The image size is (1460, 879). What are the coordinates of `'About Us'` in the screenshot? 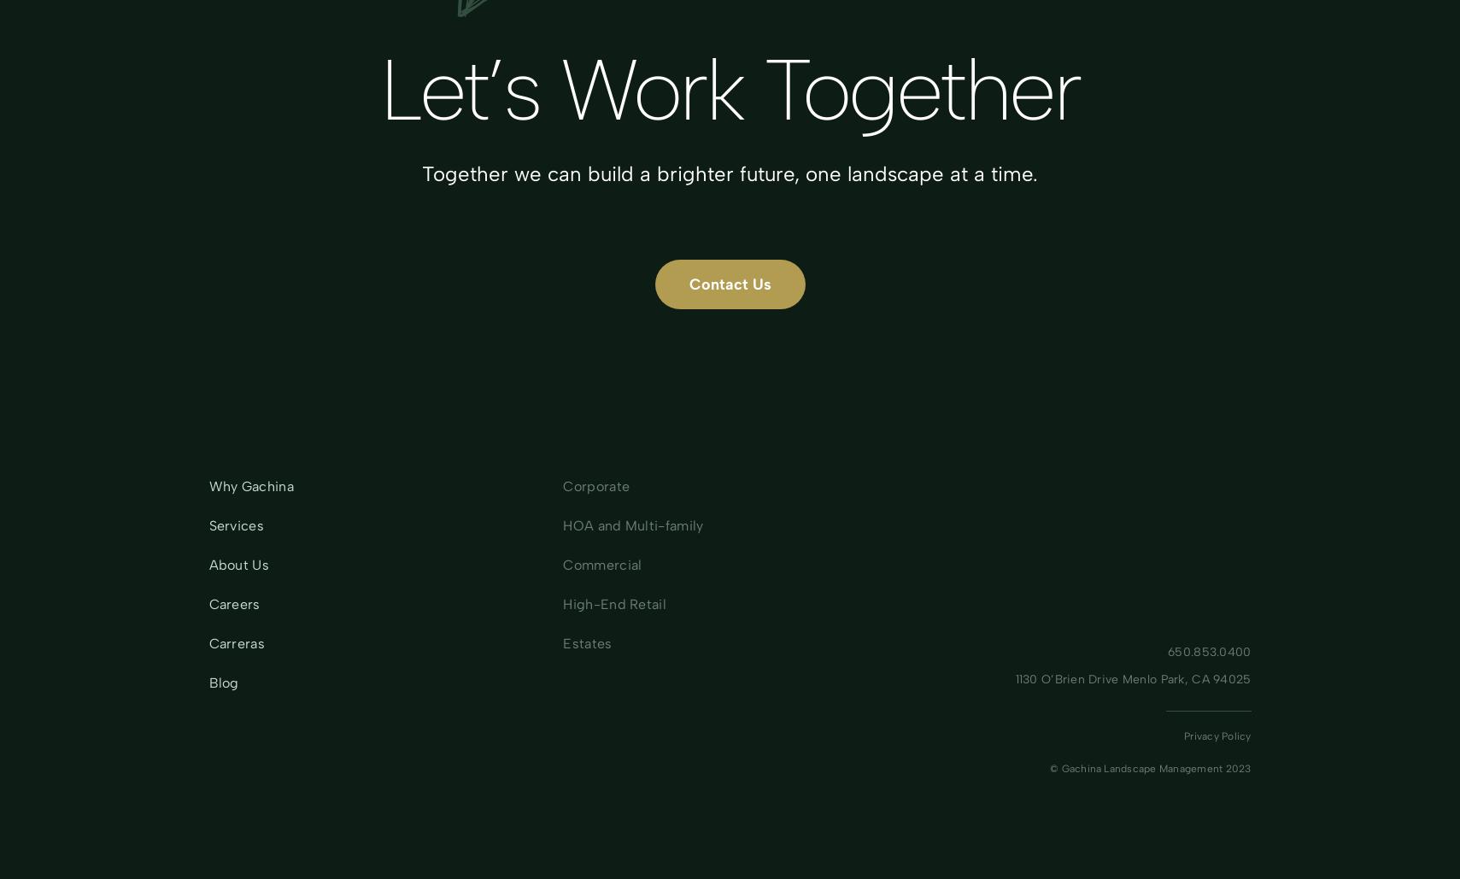 It's located at (237, 564).